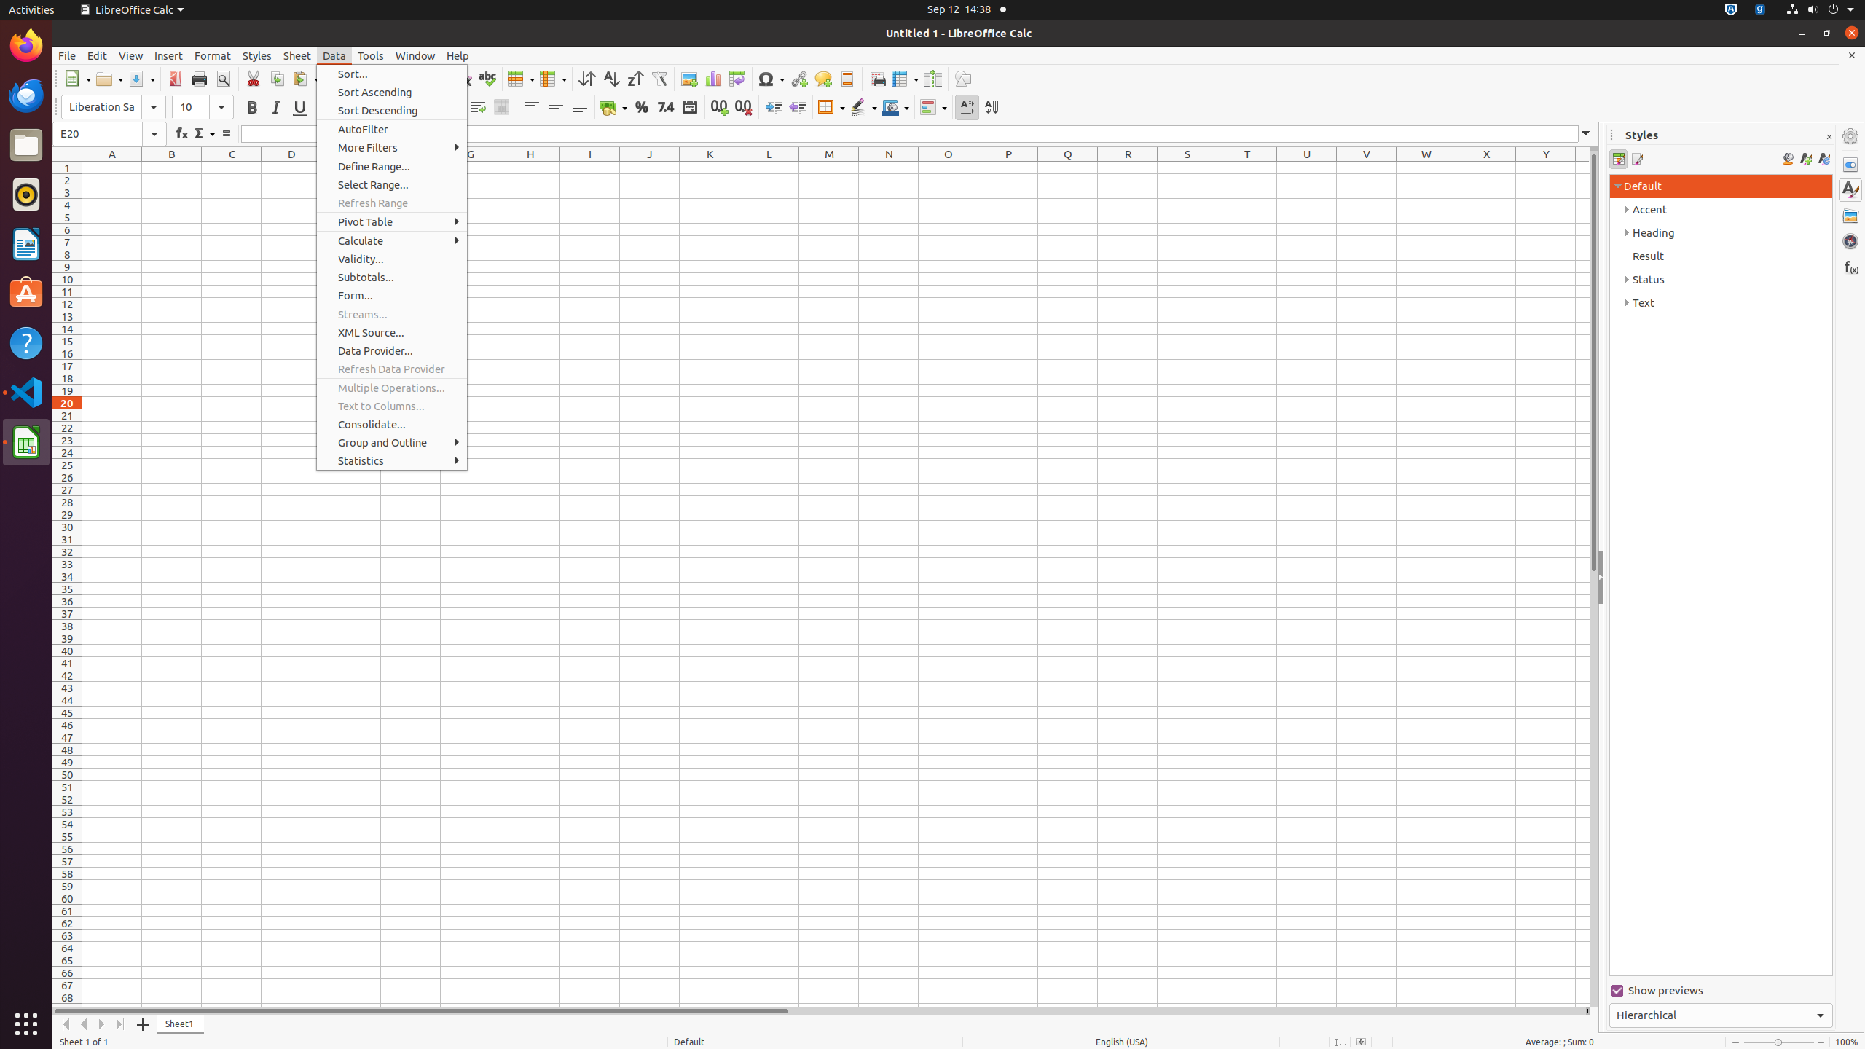 The width and height of the screenshot is (1865, 1049). What do you see at coordinates (796, 106) in the screenshot?
I see `'Decrease'` at bounding box center [796, 106].